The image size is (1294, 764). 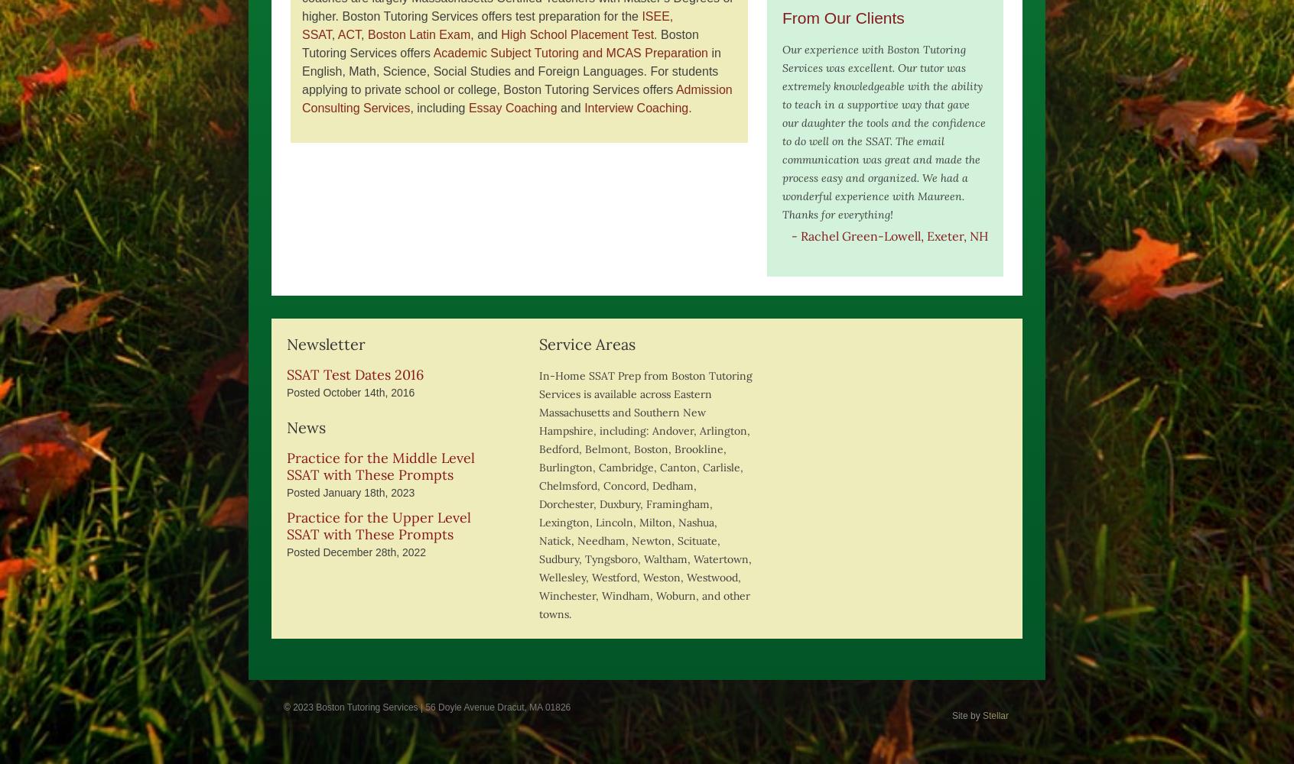 I want to click on 'ISEE, SSAT', so click(x=302, y=25).